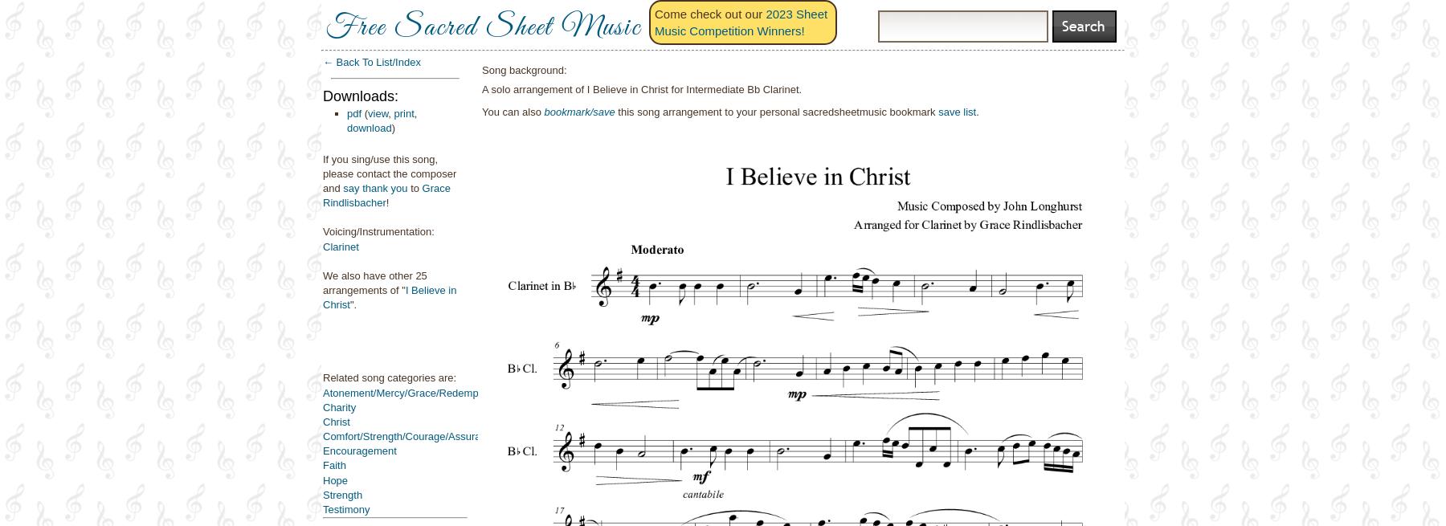 This screenshot has height=526, width=1446. Describe the element at coordinates (322, 391) in the screenshot. I see `'Atonement/Mercy/Grace/Redemption'` at that location.